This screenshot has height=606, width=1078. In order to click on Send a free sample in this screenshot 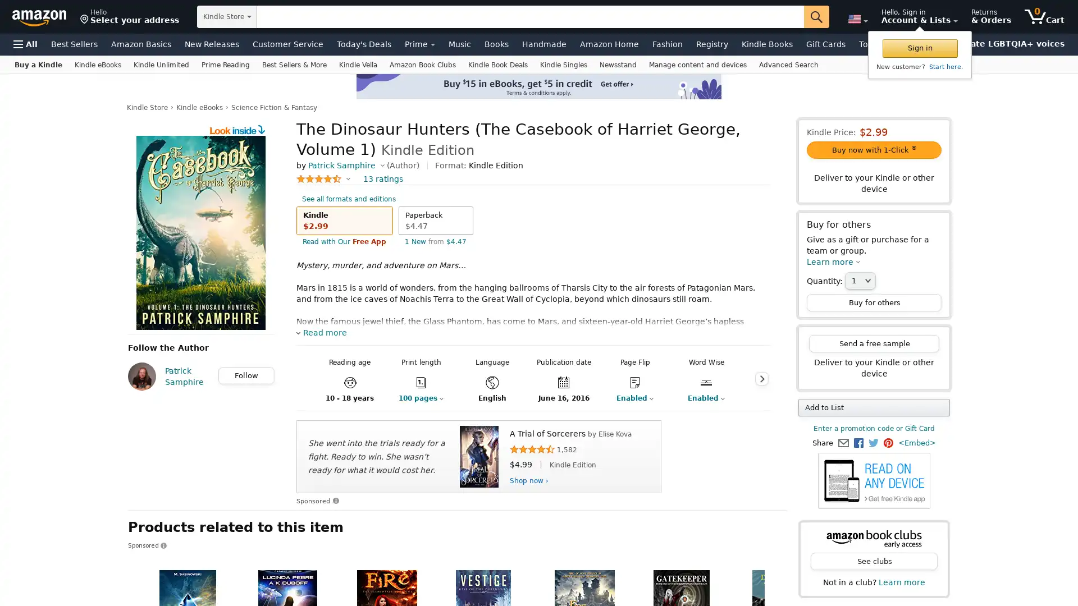, I will do `click(873, 343)`.